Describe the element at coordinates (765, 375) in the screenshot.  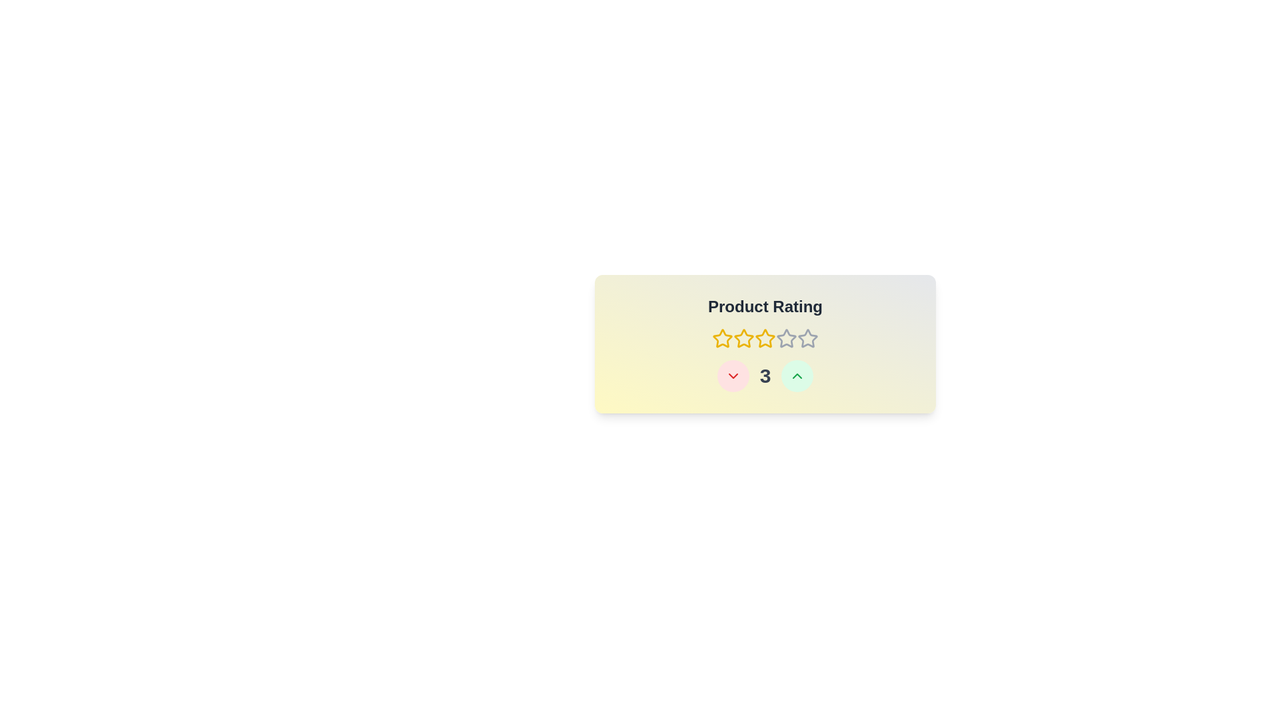
I see `the Text Display element that shows the current rating value, positioned between the red downward-facing arrow button and the green upward-facing arrow button in the rating interface` at that location.